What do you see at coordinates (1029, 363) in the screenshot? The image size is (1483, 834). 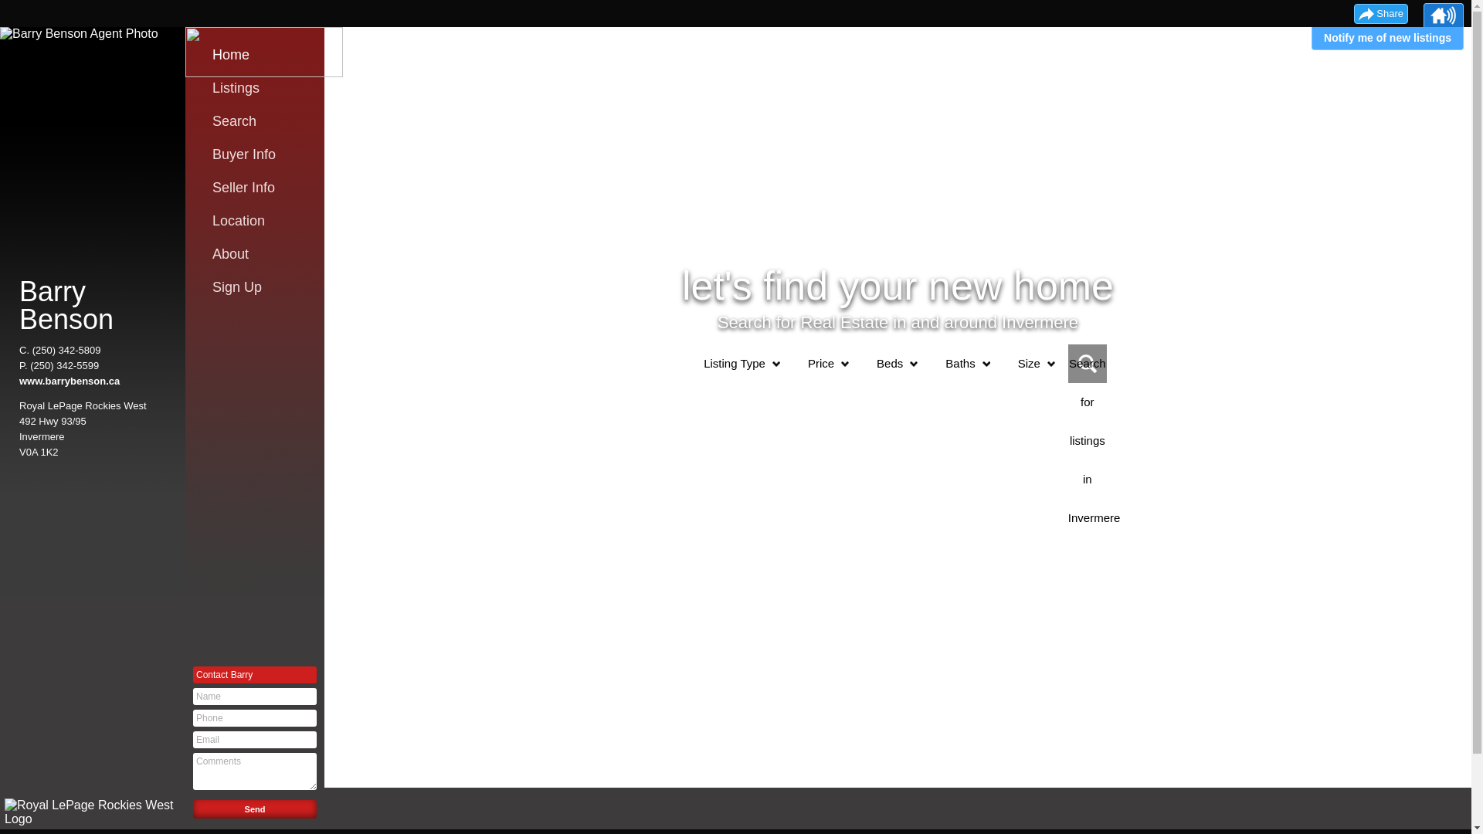 I see `'Size'` at bounding box center [1029, 363].